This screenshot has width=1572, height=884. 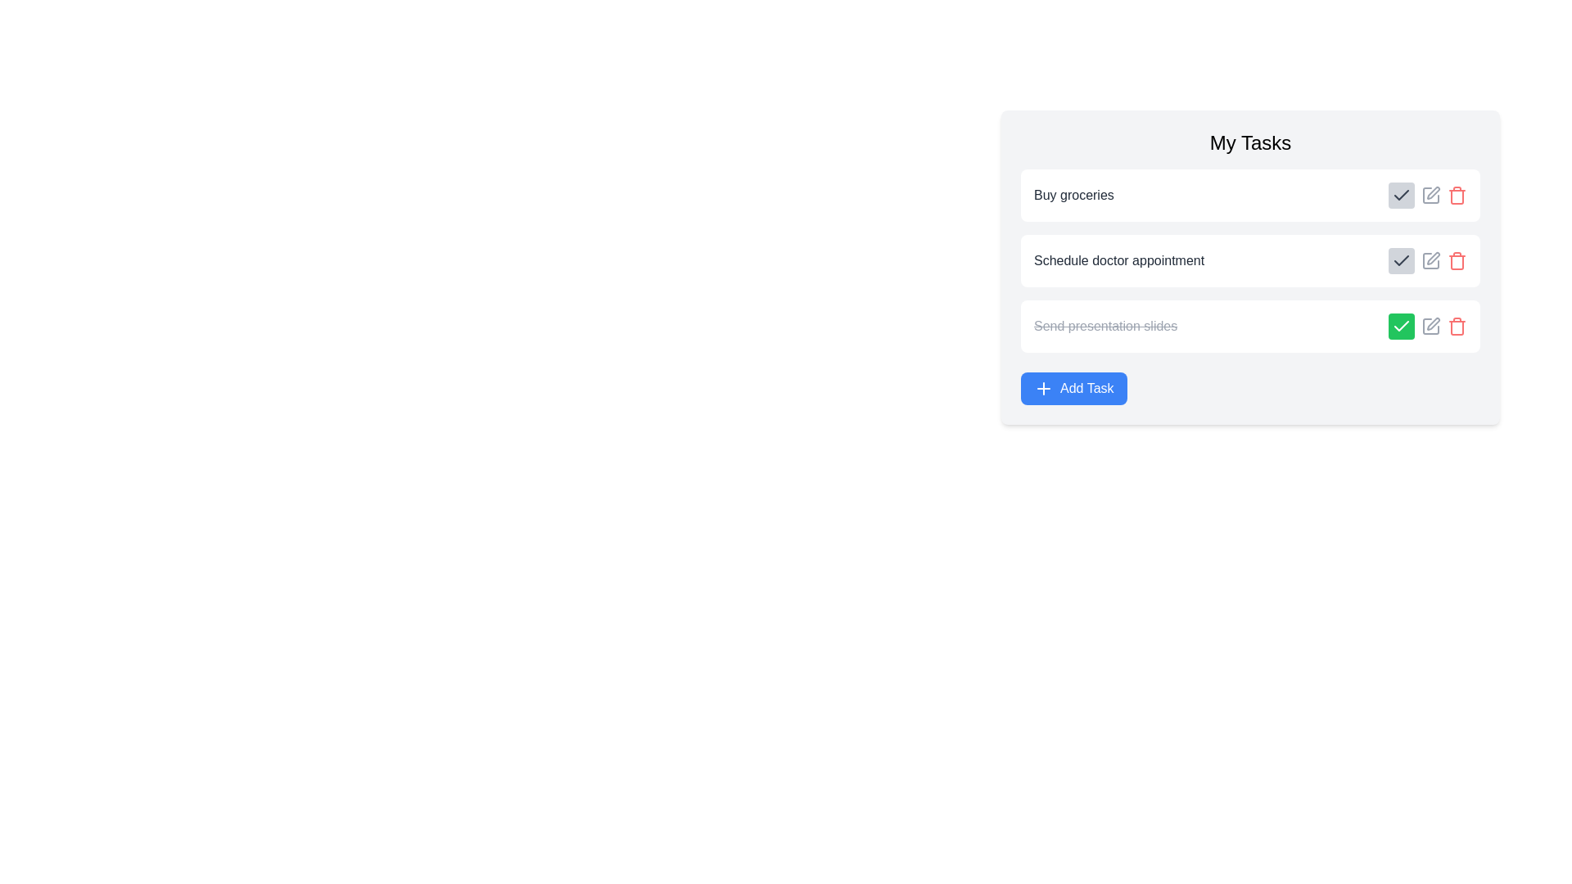 What do you see at coordinates (1457, 195) in the screenshot?
I see `delete button for the task identified by Buy groceries` at bounding box center [1457, 195].